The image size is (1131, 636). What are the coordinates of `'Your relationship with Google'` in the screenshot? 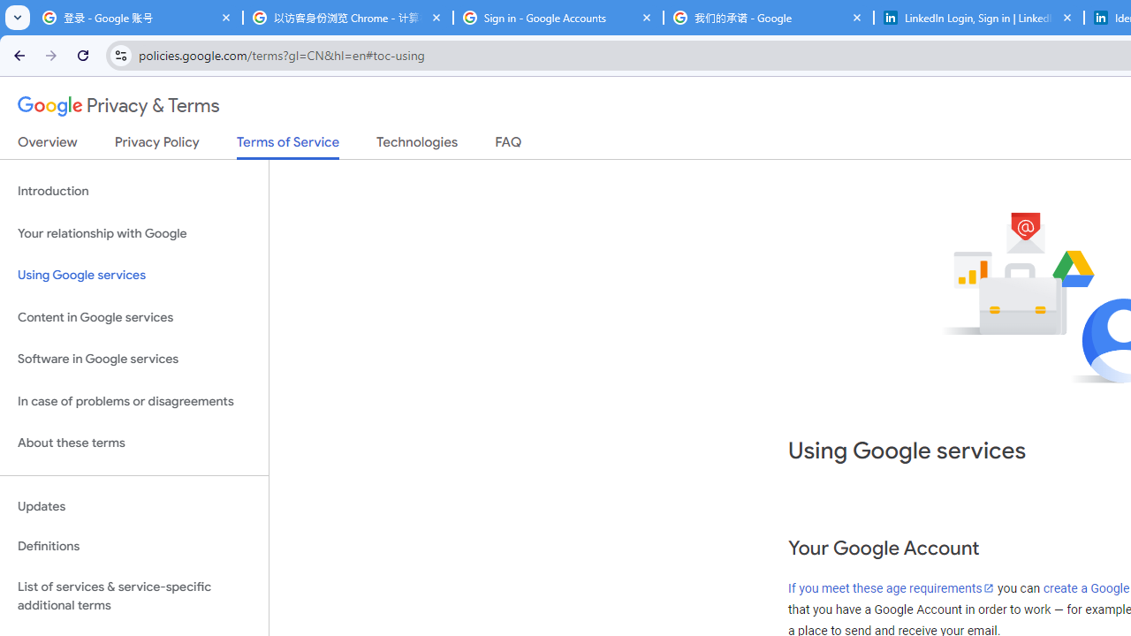 It's located at (133, 232).